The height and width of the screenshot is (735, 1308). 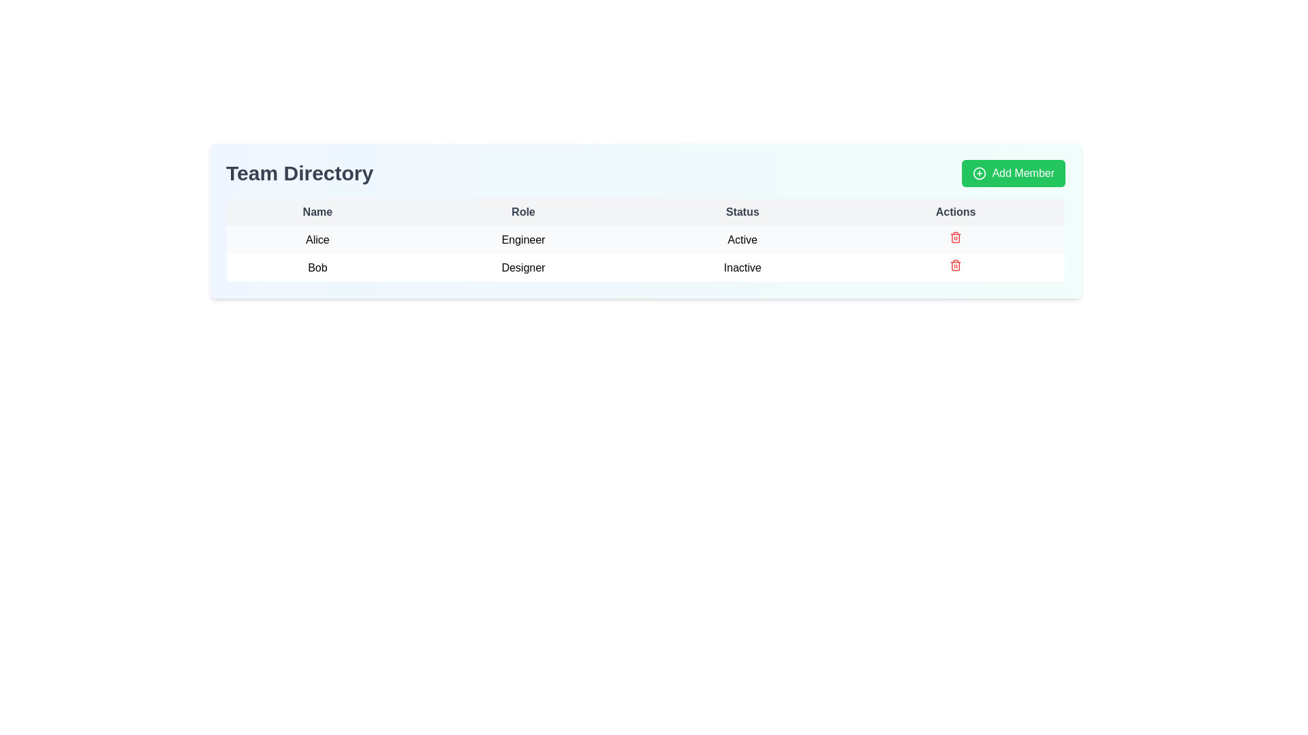 What do you see at coordinates (317, 212) in the screenshot?
I see `the static text label indicating the 'Name' column in the table, which is positioned near the top-left below the 'Team Directory' header` at bounding box center [317, 212].